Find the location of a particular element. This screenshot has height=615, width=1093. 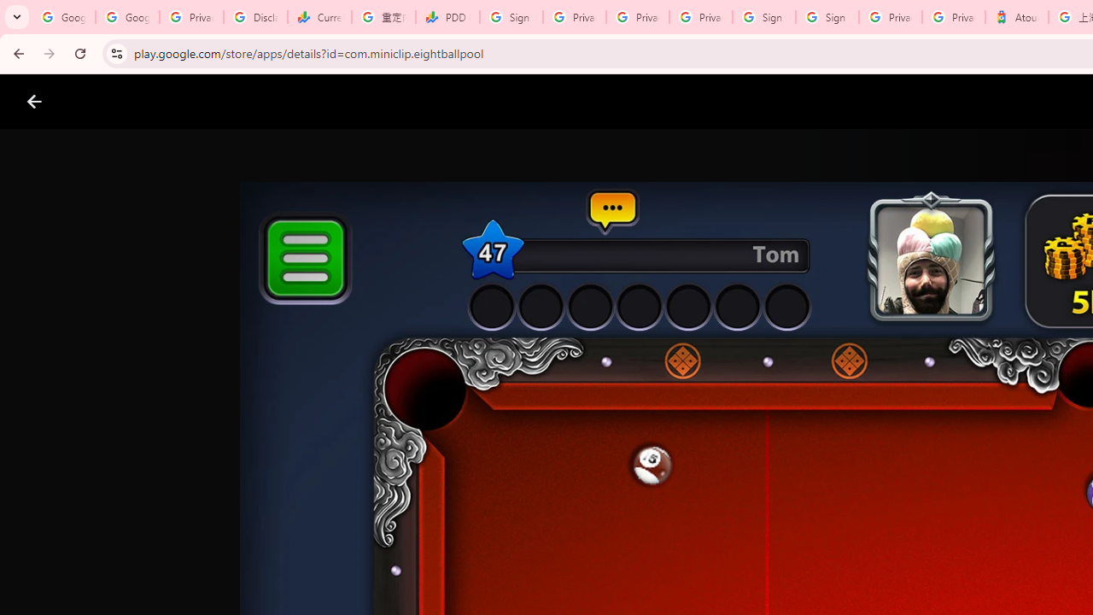

'Atour Hotel - Google hotels' is located at coordinates (1017, 17).